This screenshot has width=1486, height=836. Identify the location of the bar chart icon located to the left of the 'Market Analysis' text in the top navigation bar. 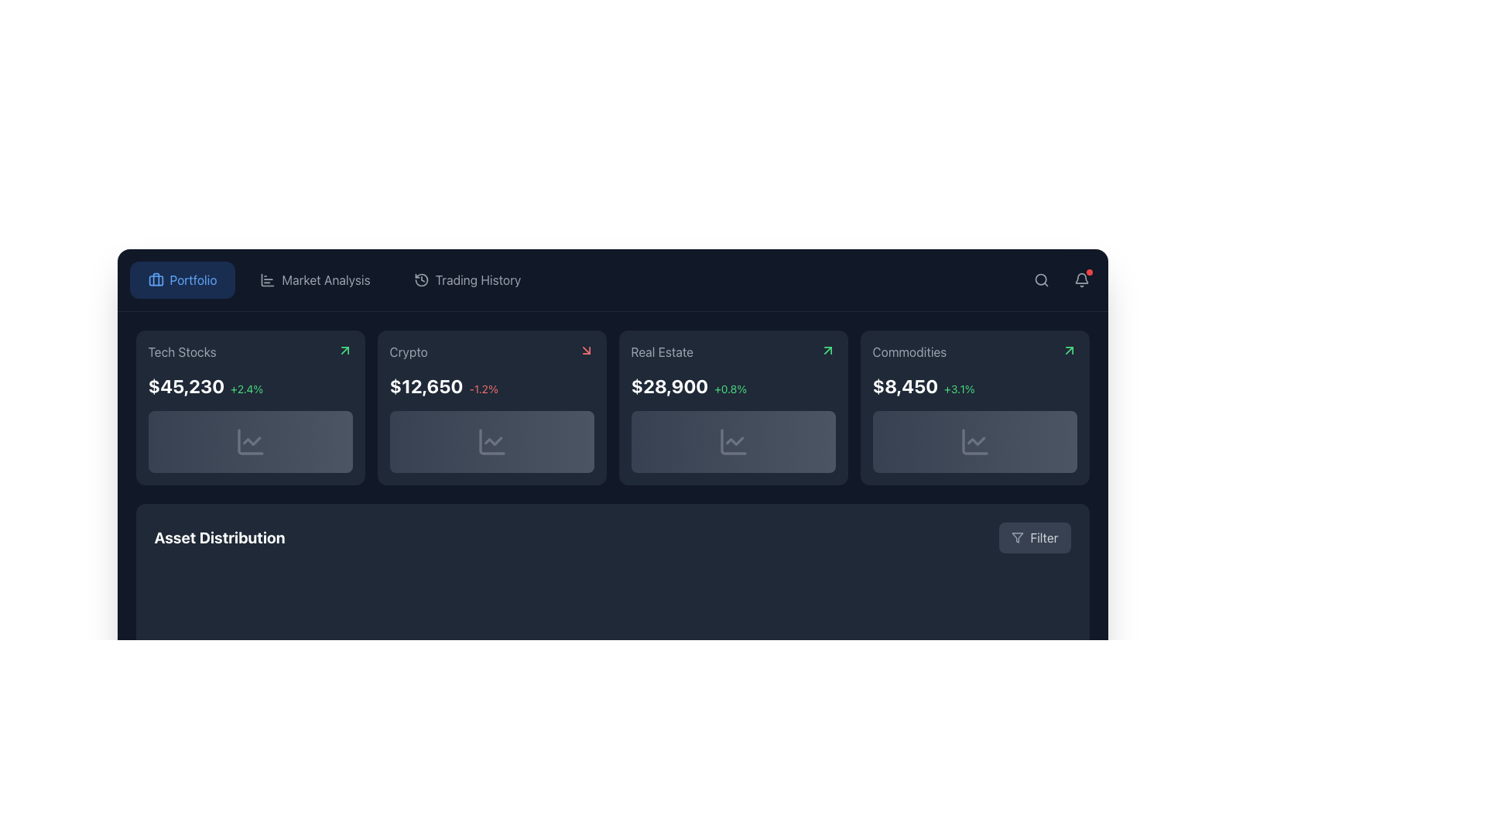
(268, 280).